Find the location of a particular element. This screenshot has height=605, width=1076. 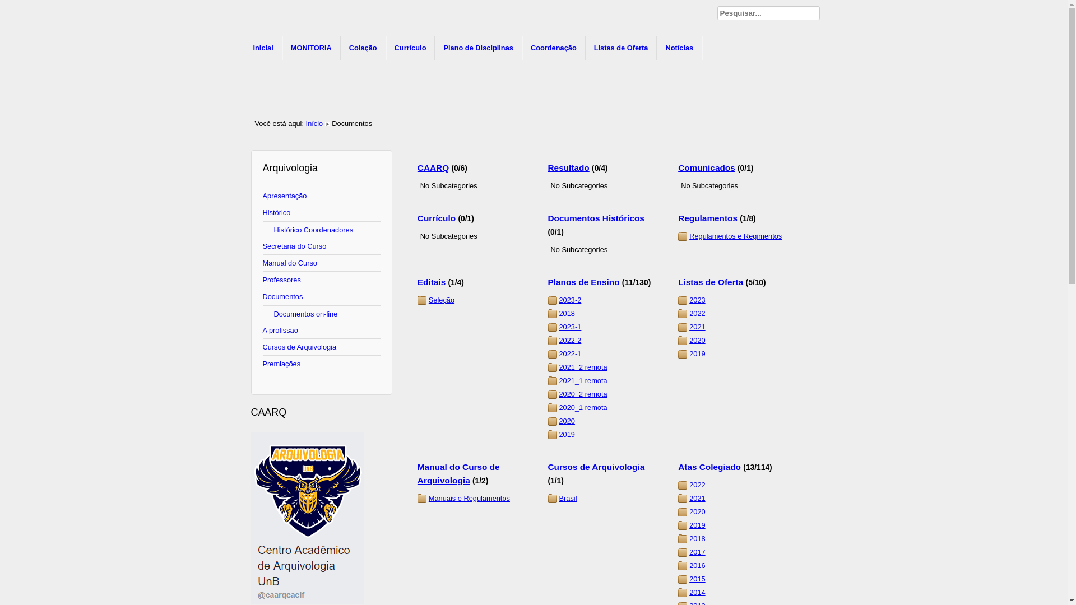

'Secretaria do Curso' is located at coordinates (321, 245).